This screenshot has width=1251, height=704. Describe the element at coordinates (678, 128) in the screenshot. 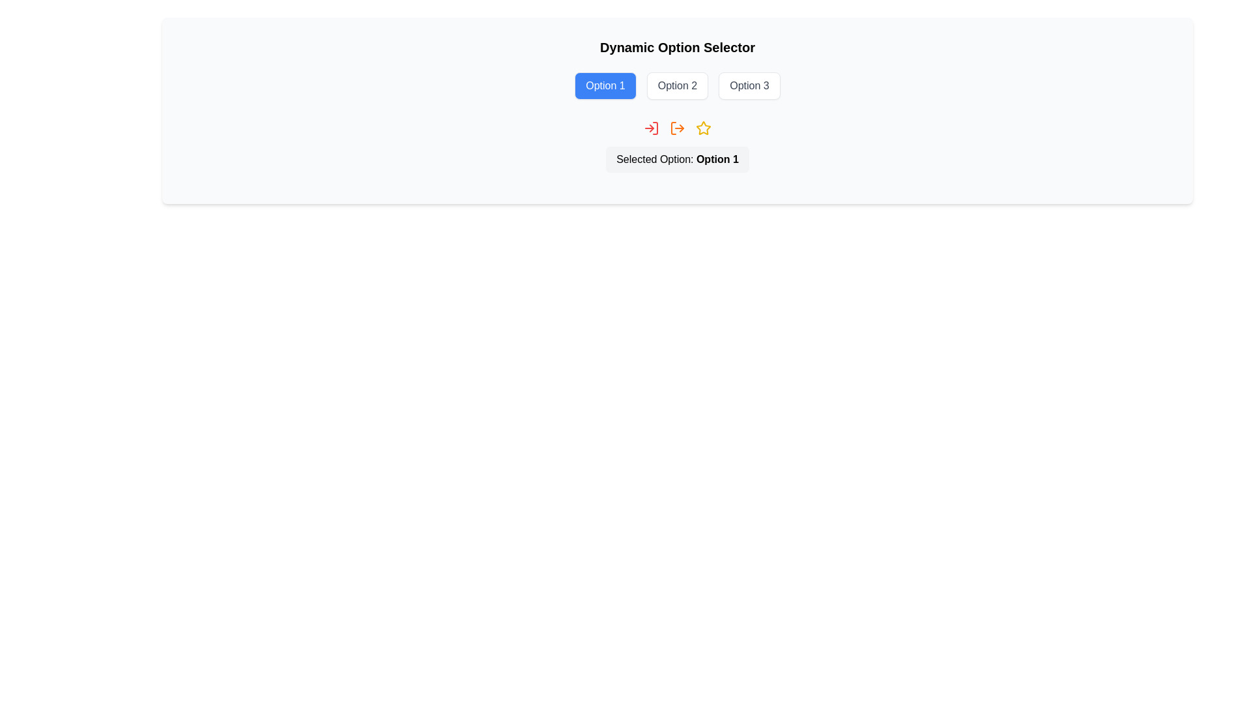

I see `the icon group located beneath the buttons labeled 'Option 1', 'Option 2', and 'Option 3', and above the text 'Selected Option: Option 1'` at that location.